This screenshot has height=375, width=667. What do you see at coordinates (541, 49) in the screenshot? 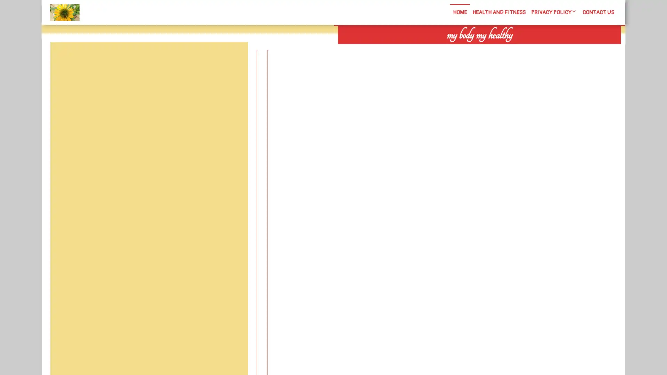
I see `Search` at bounding box center [541, 49].